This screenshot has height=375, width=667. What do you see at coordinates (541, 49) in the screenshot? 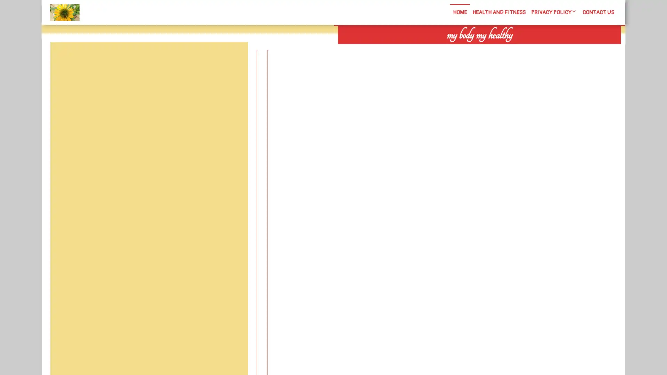
I see `Search` at bounding box center [541, 49].